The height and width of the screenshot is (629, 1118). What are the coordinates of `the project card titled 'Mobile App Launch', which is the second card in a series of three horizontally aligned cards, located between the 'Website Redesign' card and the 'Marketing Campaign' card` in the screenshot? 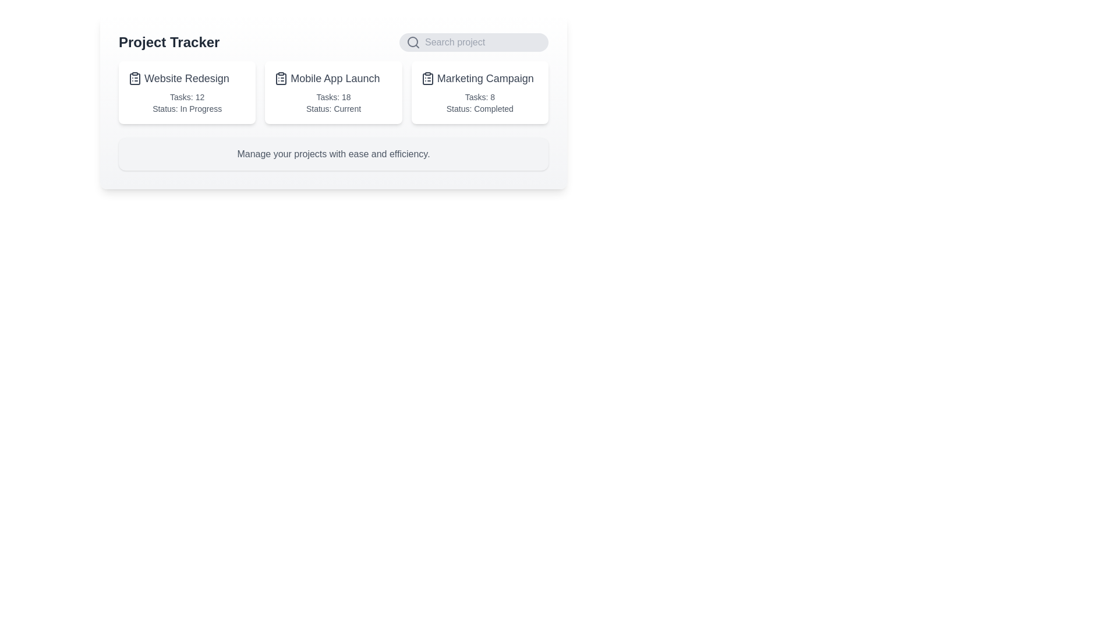 It's located at (332, 91).